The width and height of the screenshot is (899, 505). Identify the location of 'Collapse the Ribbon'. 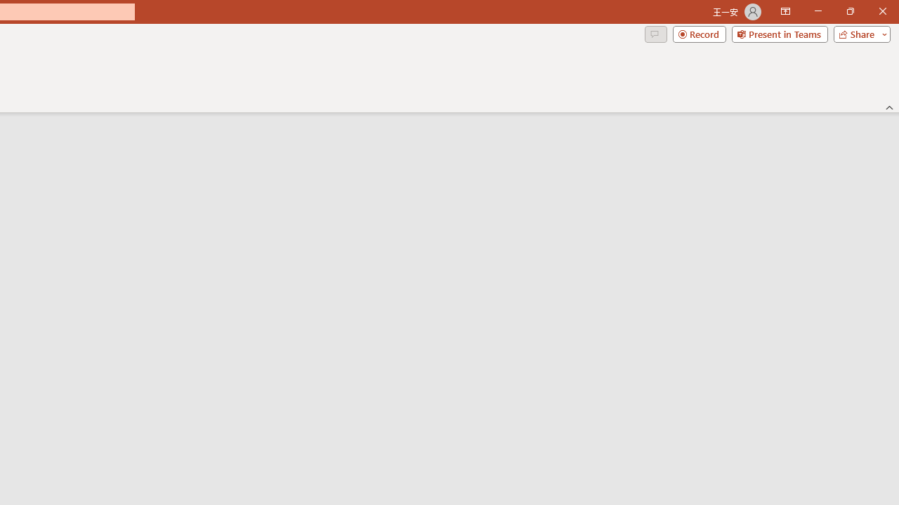
(889, 107).